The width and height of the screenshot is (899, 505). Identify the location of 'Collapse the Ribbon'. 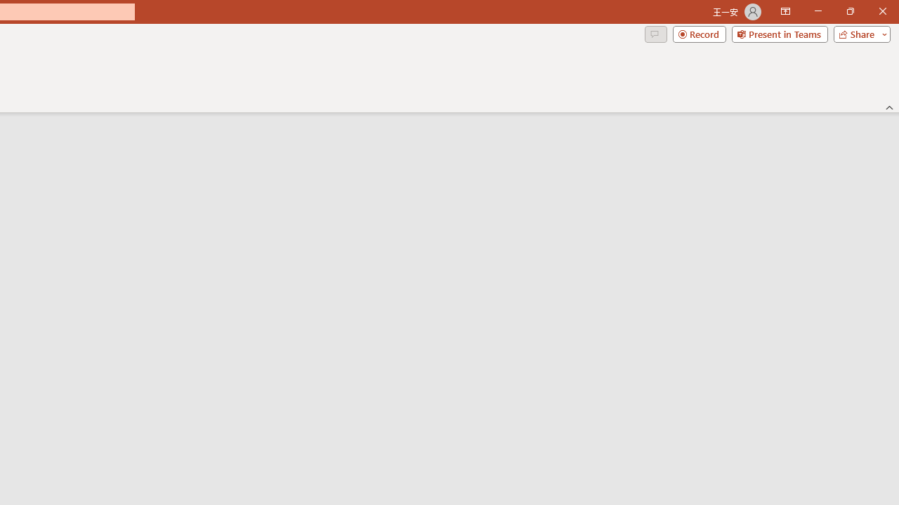
(889, 107).